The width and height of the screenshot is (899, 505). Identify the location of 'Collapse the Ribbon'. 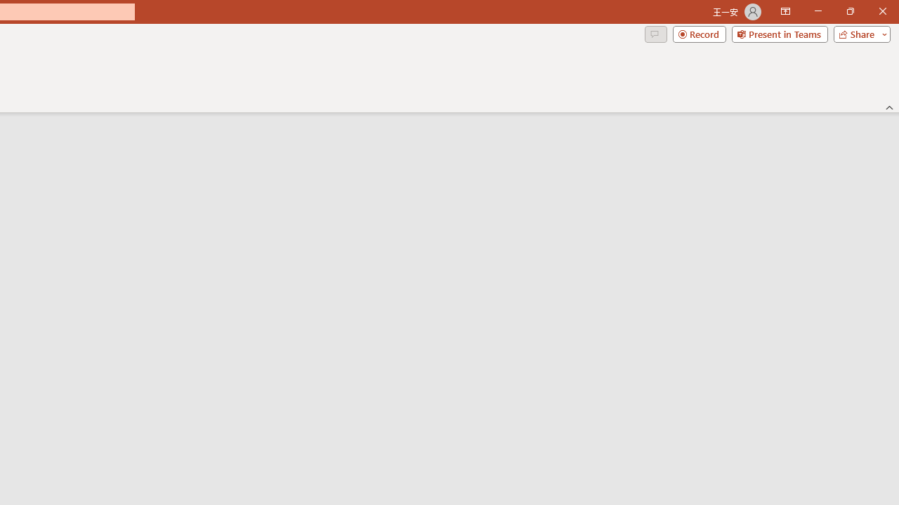
(889, 107).